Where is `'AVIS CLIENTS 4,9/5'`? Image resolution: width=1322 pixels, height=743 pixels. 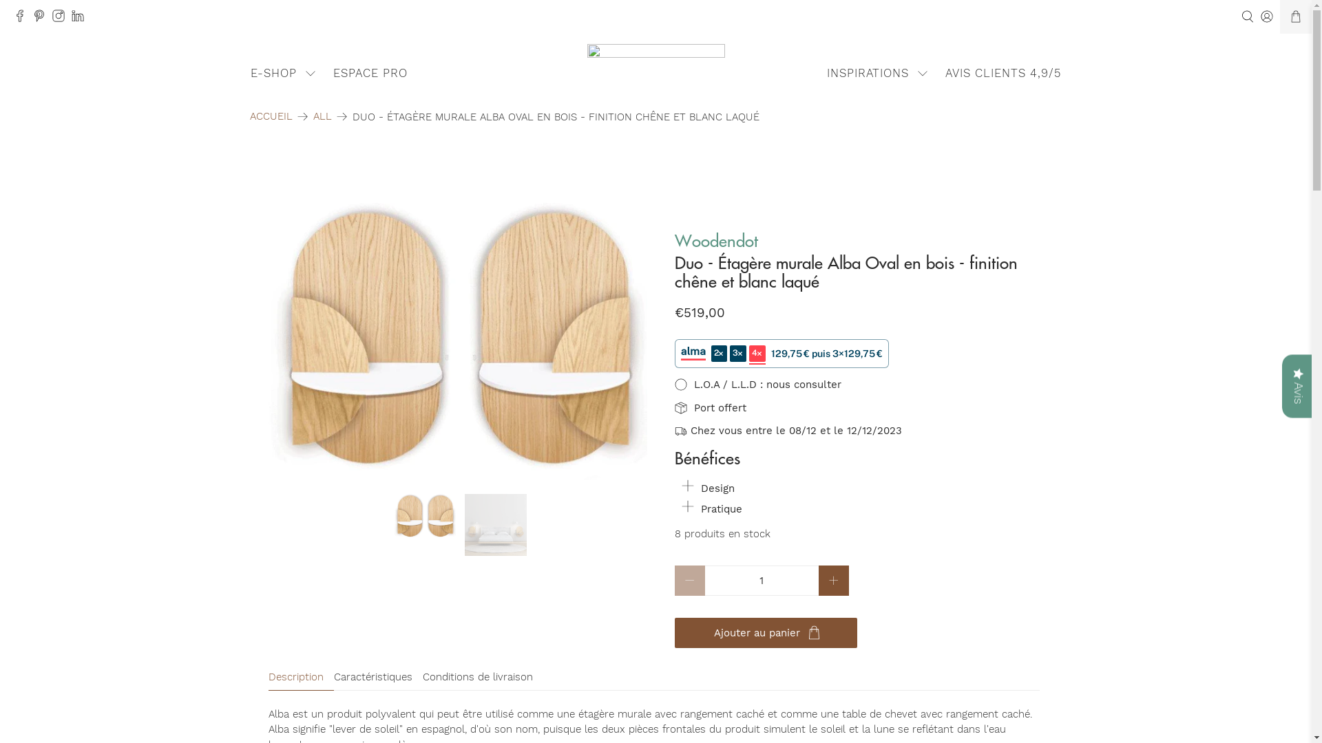
'AVIS CLIENTS 4,9/5' is located at coordinates (1003, 73).